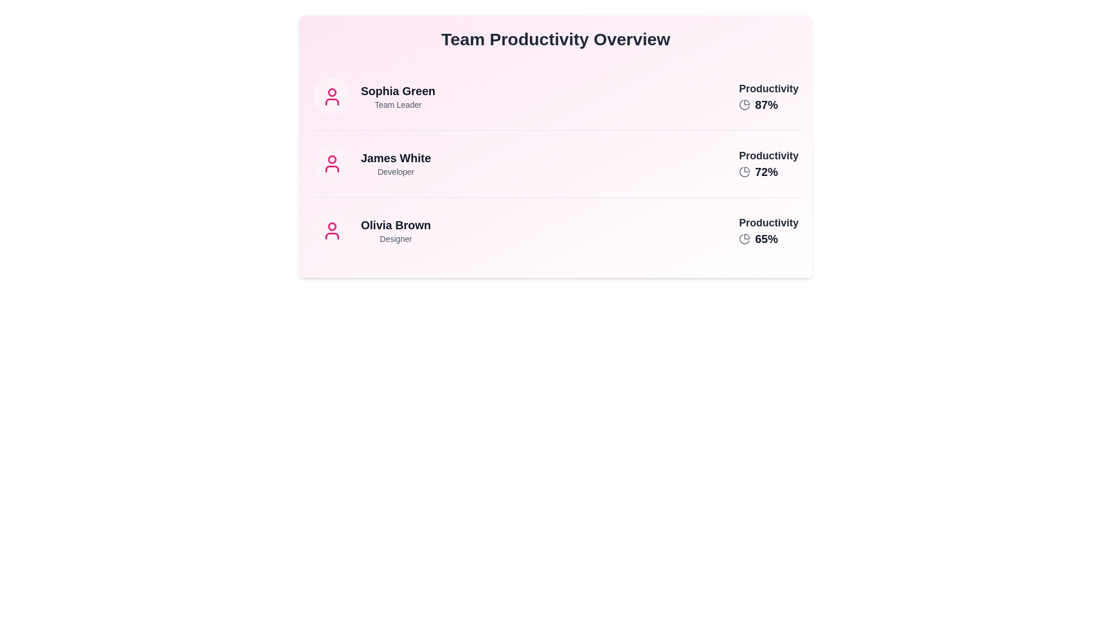 The image size is (1100, 619). I want to click on the information displayed on the Text label with accompanying icon indicating the productivity level of 'James White - Developer.', so click(768, 163).